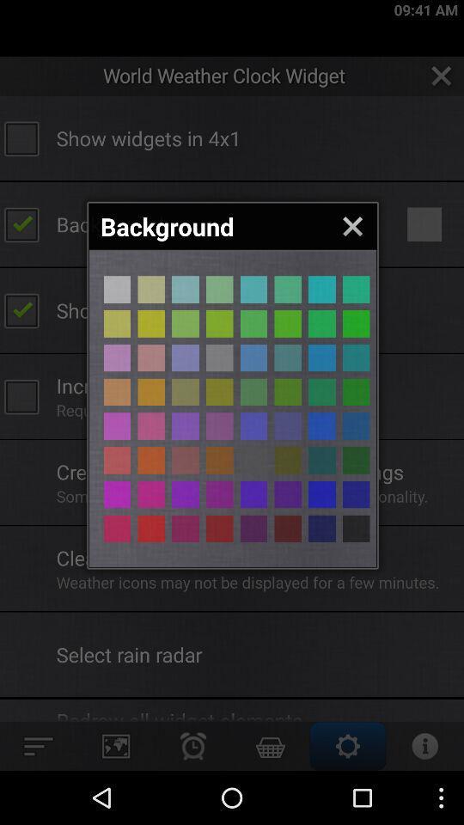 The image size is (464, 825). Describe the element at coordinates (321, 494) in the screenshot. I see `backround button` at that location.